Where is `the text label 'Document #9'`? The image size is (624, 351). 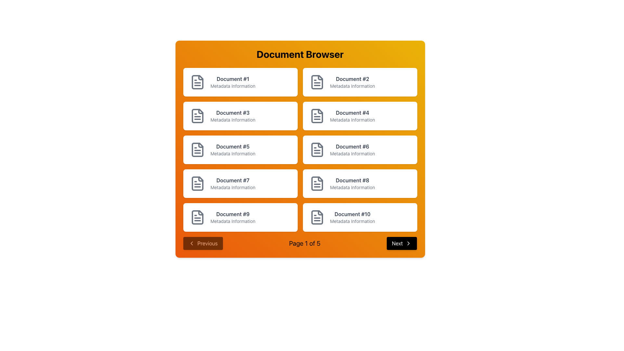 the text label 'Document #9' is located at coordinates (233, 214).